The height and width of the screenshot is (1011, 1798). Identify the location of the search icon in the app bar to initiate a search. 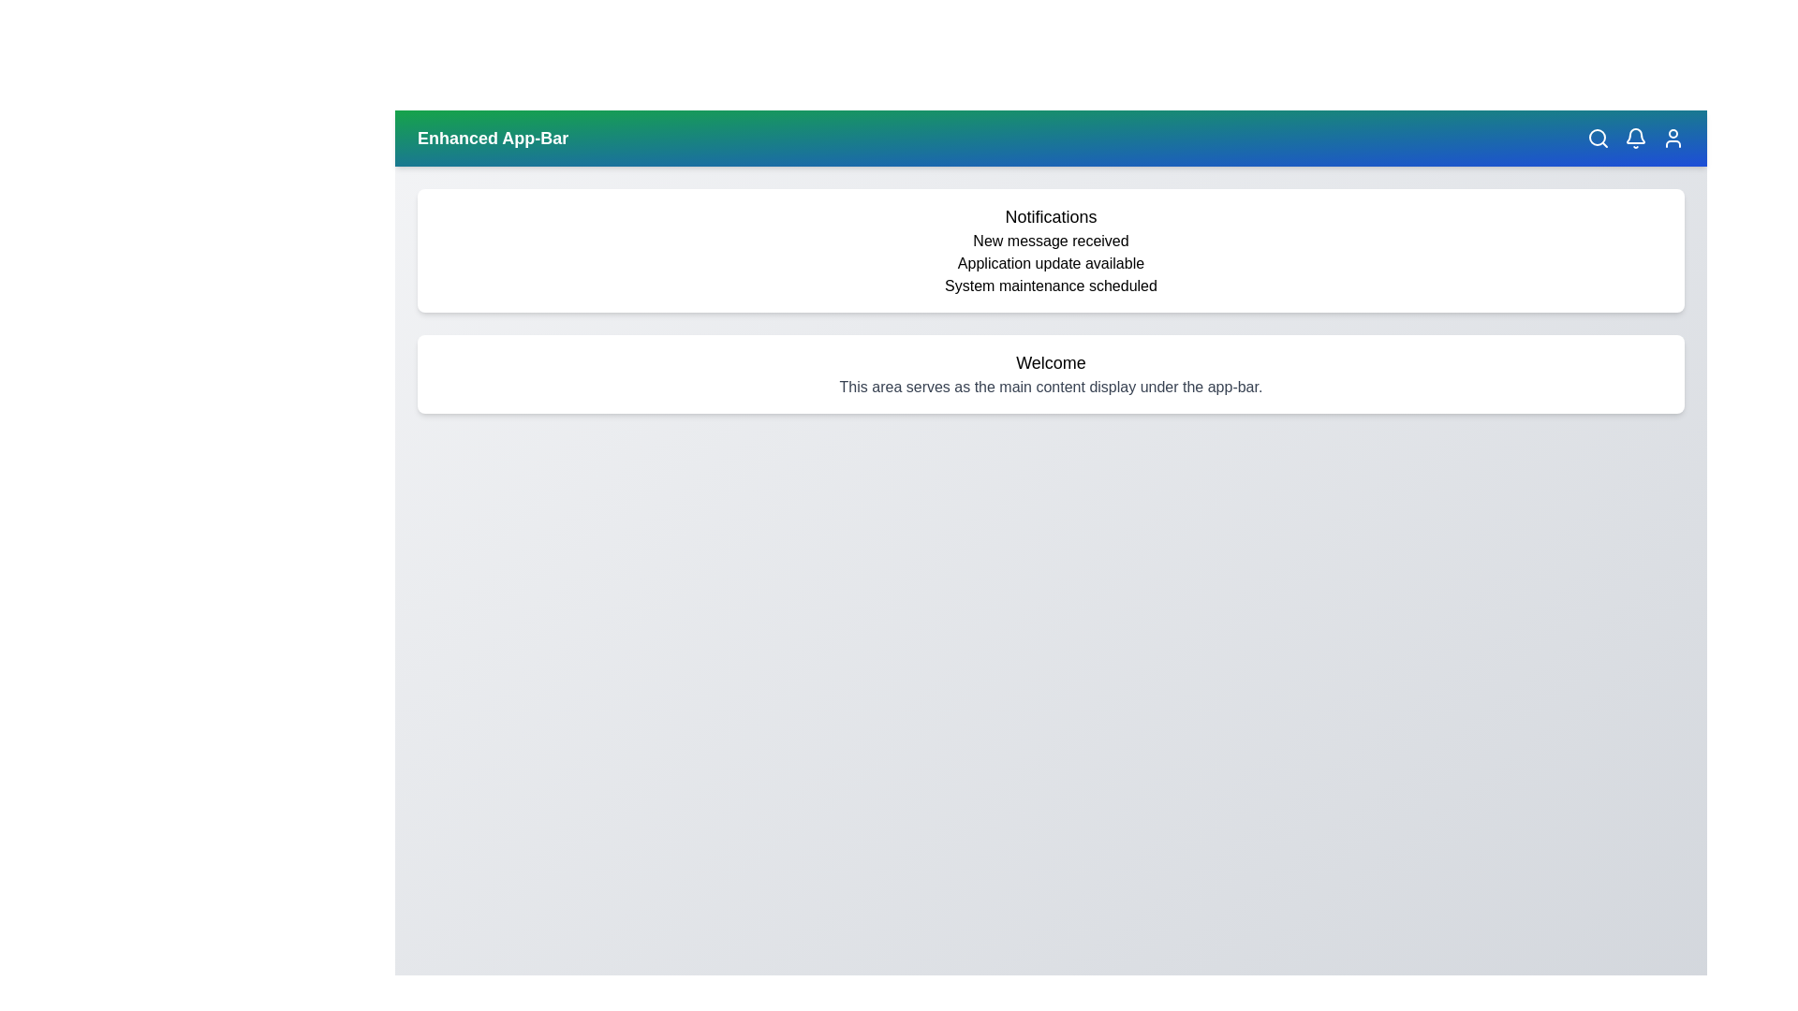
(1598, 137).